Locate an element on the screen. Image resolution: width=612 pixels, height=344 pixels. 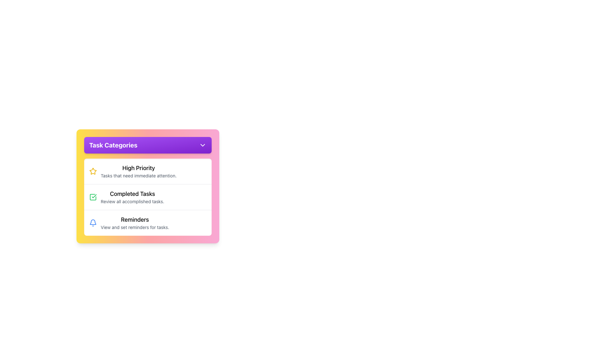
text of the second list item, which features a green check icon and includes the title 'Completed Tasks' and the description 'Review all accomplished tasks.' is located at coordinates (148, 197).